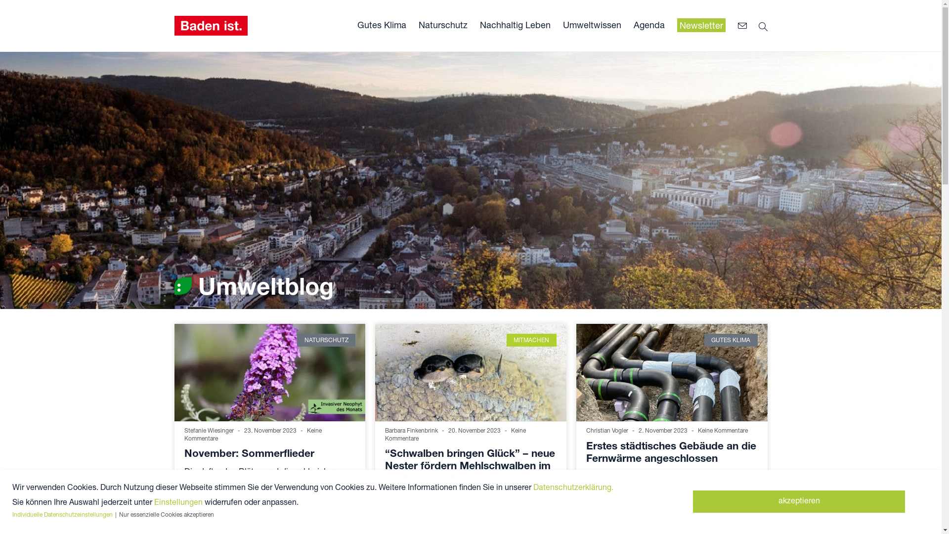 This screenshot has height=534, width=949. Describe the element at coordinates (381, 24) in the screenshot. I see `'Gutes Klima'` at that location.